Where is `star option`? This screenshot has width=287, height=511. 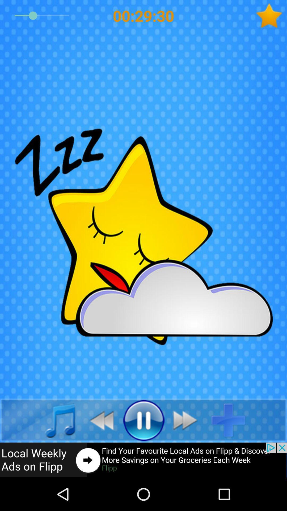 star option is located at coordinates (271, 16).